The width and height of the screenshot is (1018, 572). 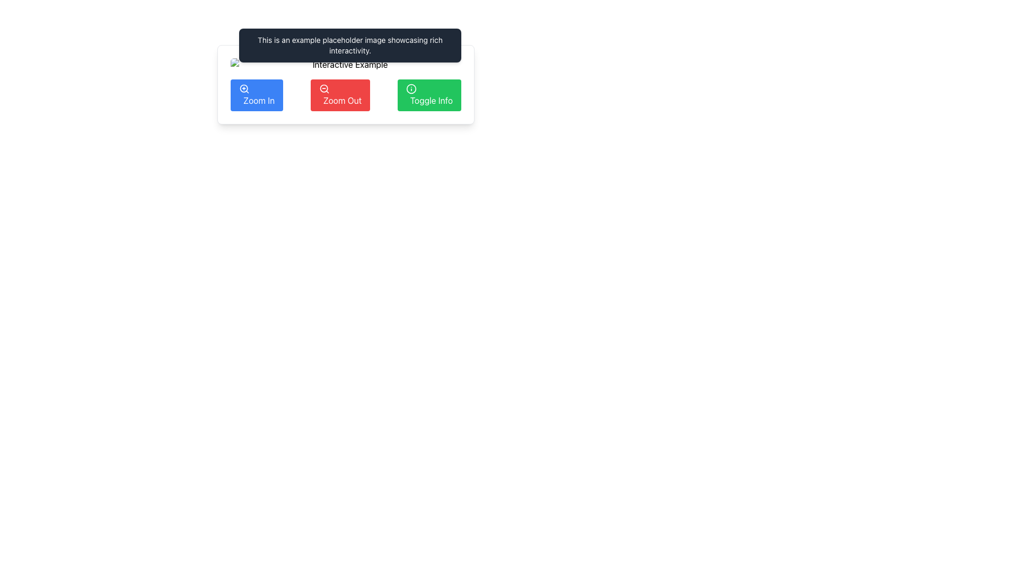 I want to click on the circular SVG shape that represents the Zoom In icon, which is centrally positioned within the icon, so click(x=243, y=88).